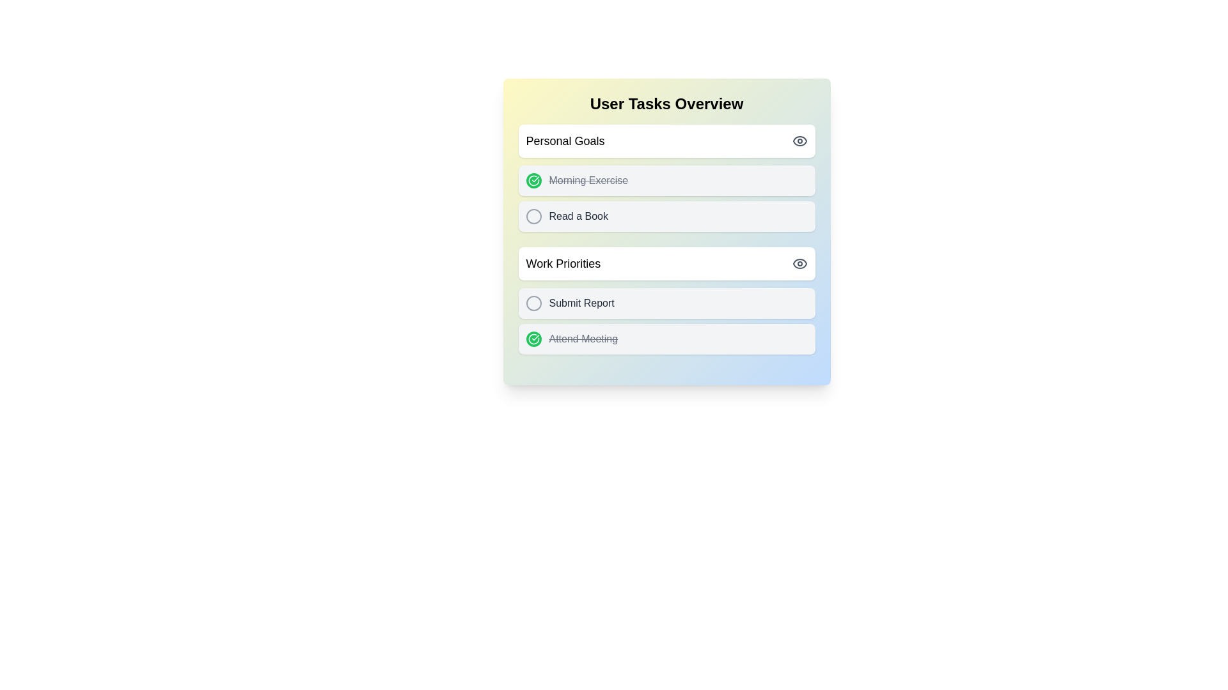 The width and height of the screenshot is (1228, 690). Describe the element at coordinates (799, 141) in the screenshot. I see `on the outline-style eye icon located in the top-right corner of the 'Personal Goals' section, which features a central filled circle and an oval shape in a neutral gray color scheme` at that location.